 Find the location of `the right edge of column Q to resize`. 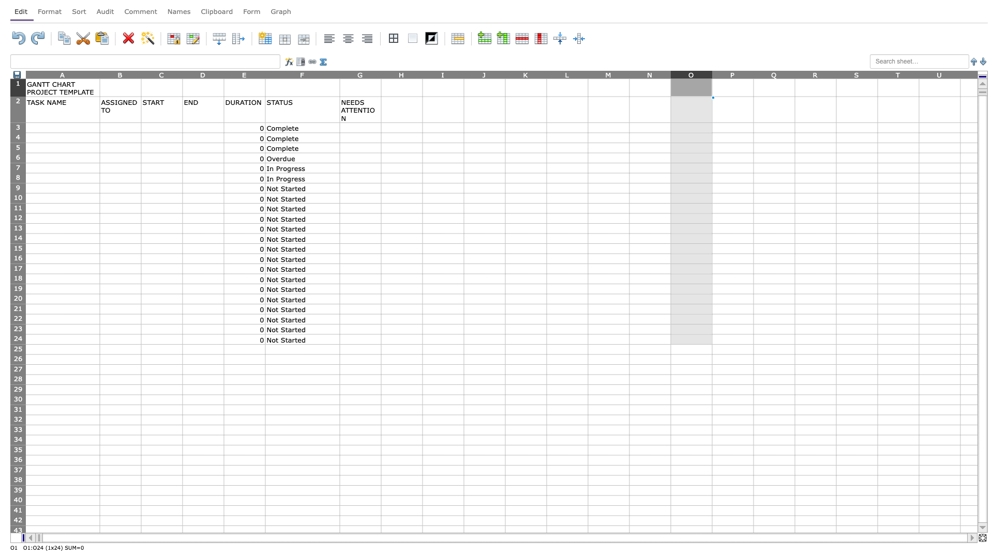

the right edge of column Q to resize is located at coordinates (794, 74).